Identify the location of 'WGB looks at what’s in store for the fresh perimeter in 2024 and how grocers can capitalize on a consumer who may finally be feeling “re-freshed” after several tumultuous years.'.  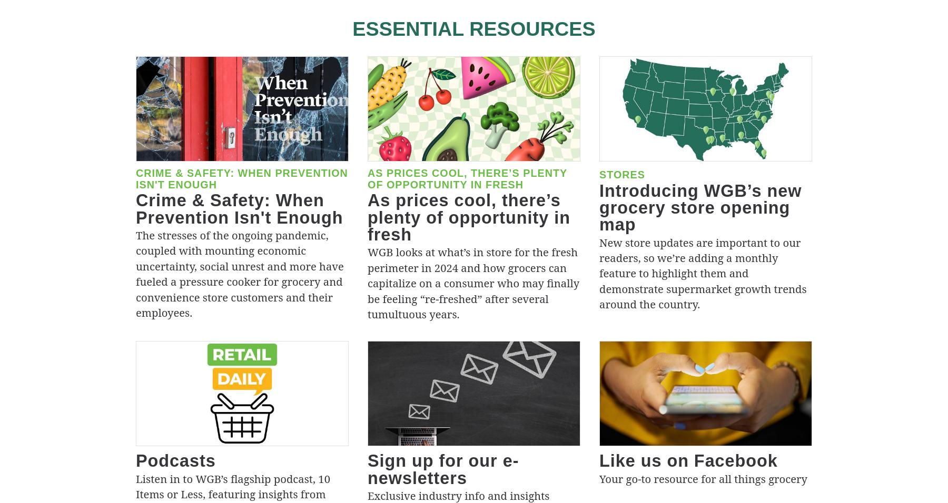
(367, 282).